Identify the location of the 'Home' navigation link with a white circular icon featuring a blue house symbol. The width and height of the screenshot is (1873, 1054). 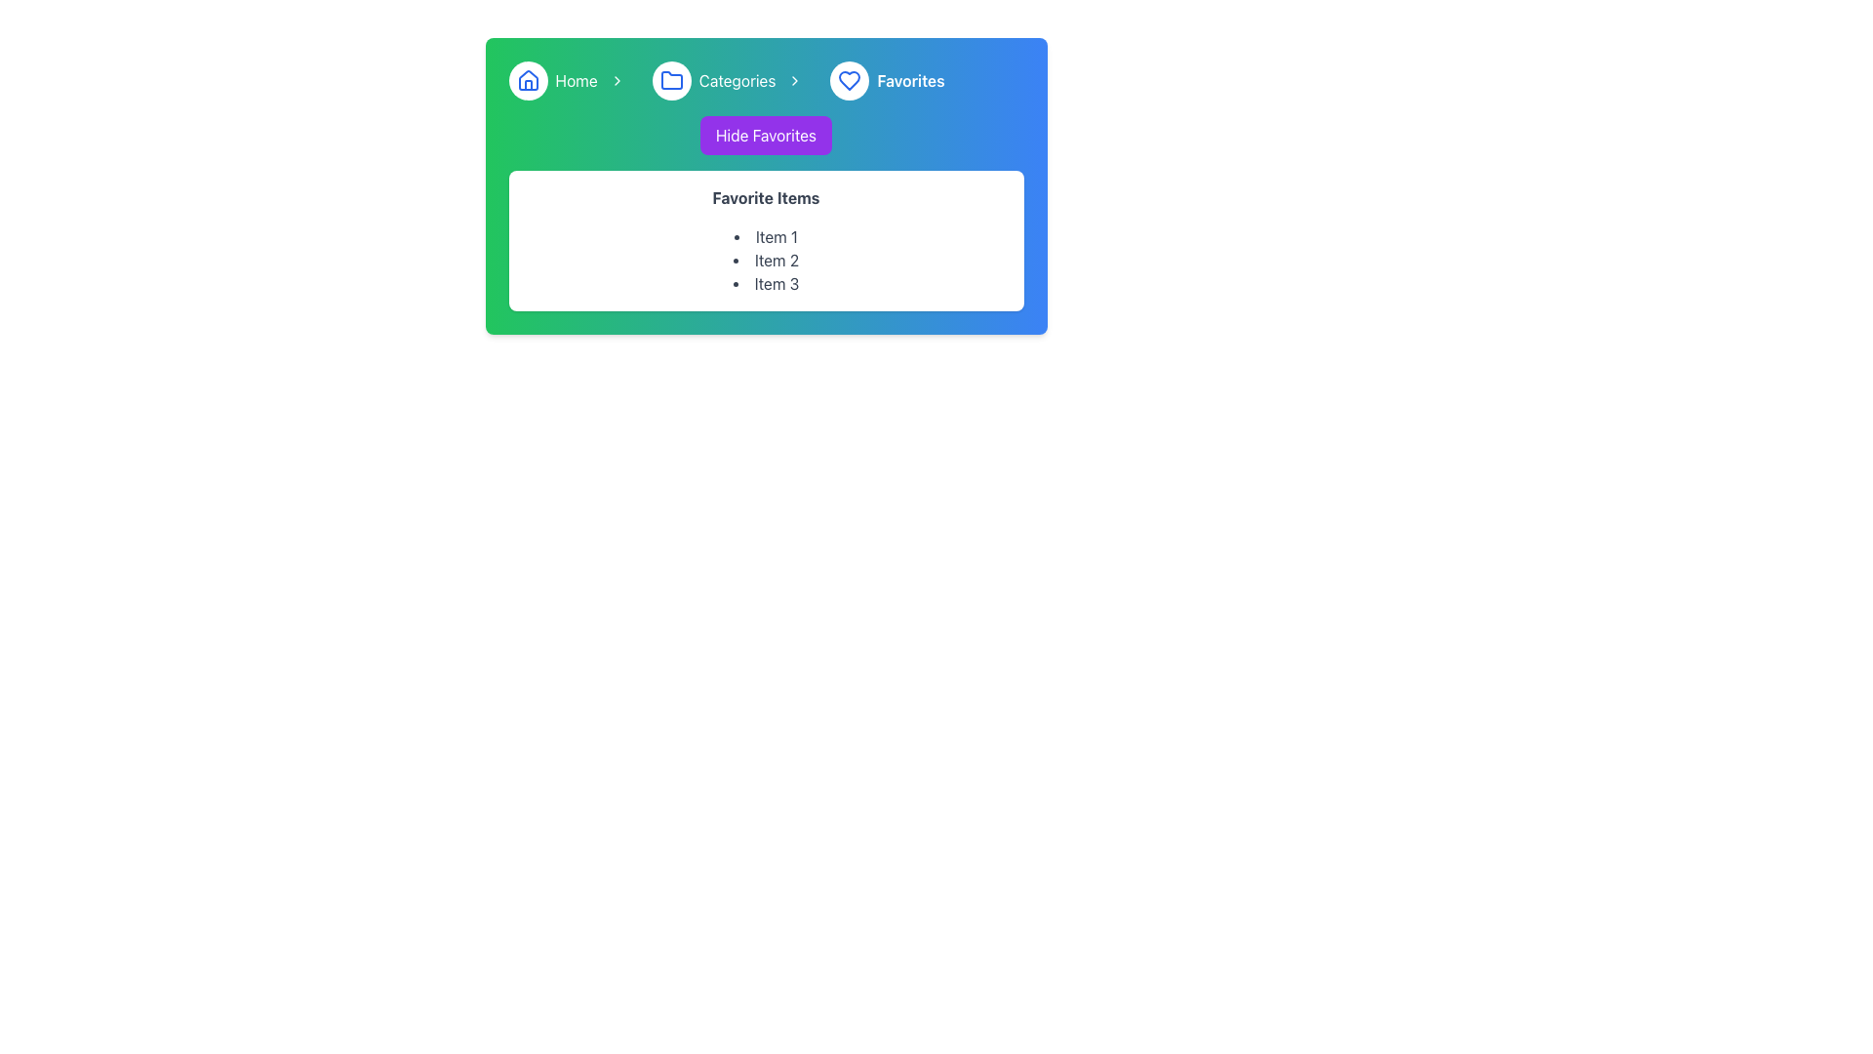
(571, 80).